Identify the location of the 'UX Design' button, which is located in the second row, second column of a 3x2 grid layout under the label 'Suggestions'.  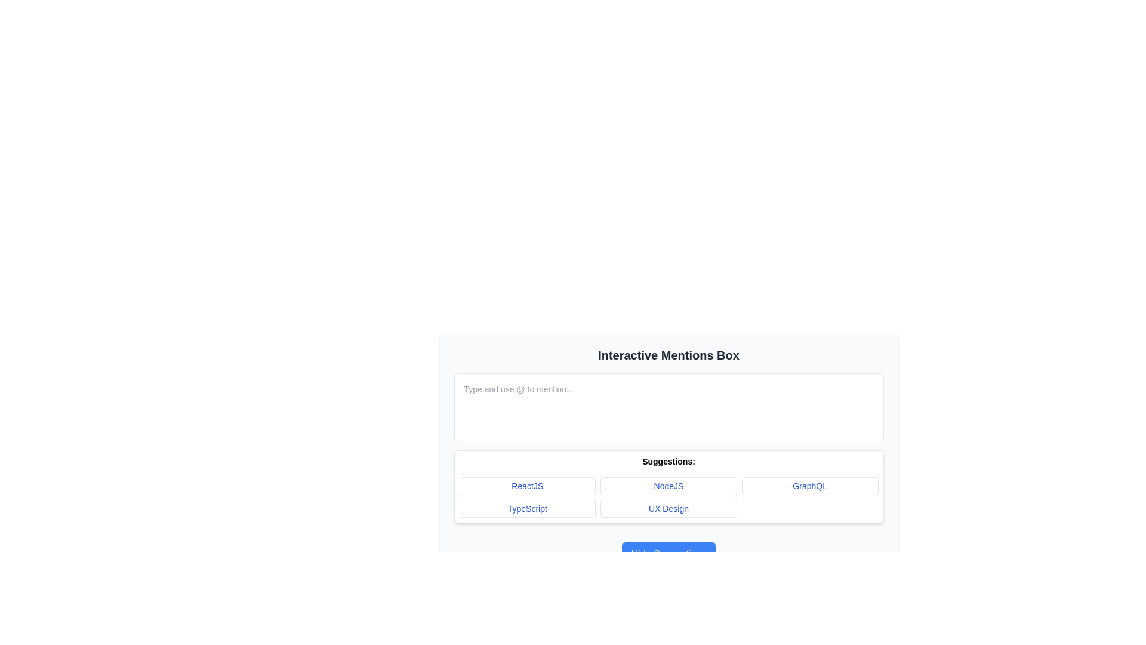
(668, 509).